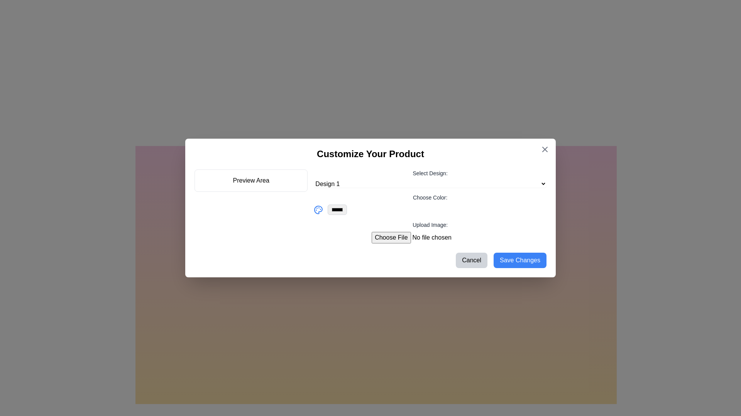  Describe the element at coordinates (544, 149) in the screenshot. I see `the close button located in the top-right corner of the modal window to observe a styling change` at that location.